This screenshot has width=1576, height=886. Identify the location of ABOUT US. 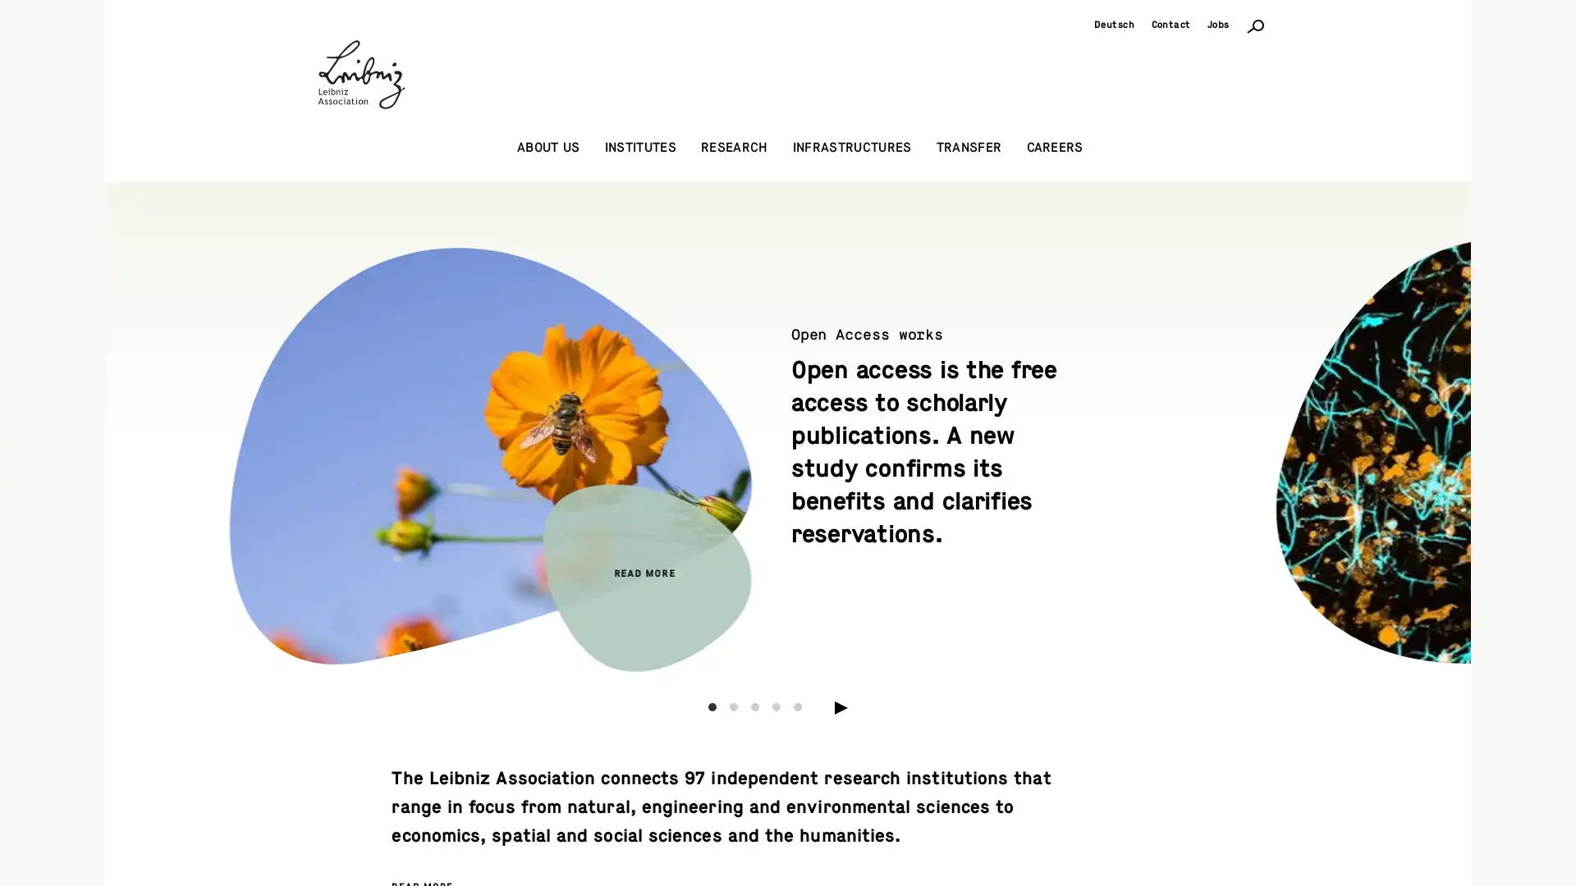
(547, 148).